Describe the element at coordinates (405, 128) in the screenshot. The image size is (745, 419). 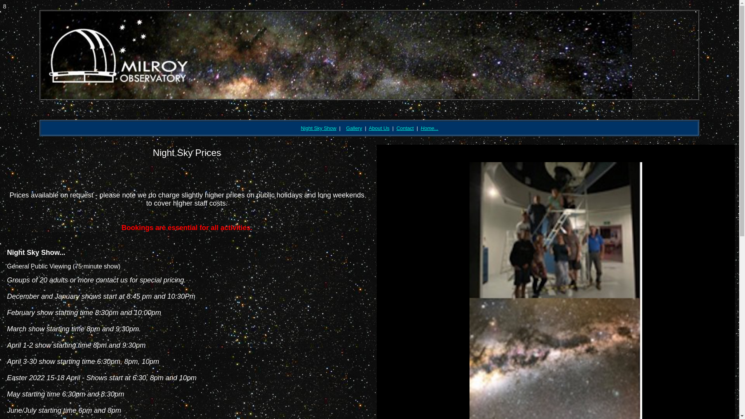
I see `'Contact'` at that location.